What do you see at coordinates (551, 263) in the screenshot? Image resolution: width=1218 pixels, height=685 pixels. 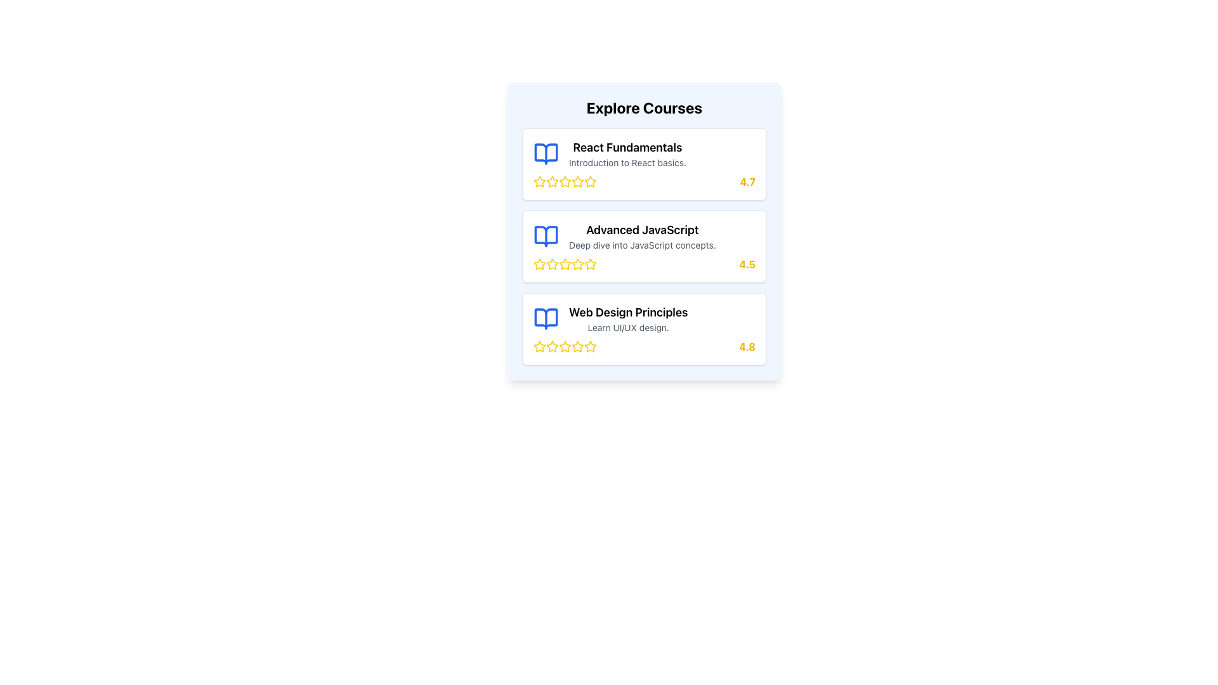 I see `the second star in the rating system under 'Advanced JavaScript'` at bounding box center [551, 263].